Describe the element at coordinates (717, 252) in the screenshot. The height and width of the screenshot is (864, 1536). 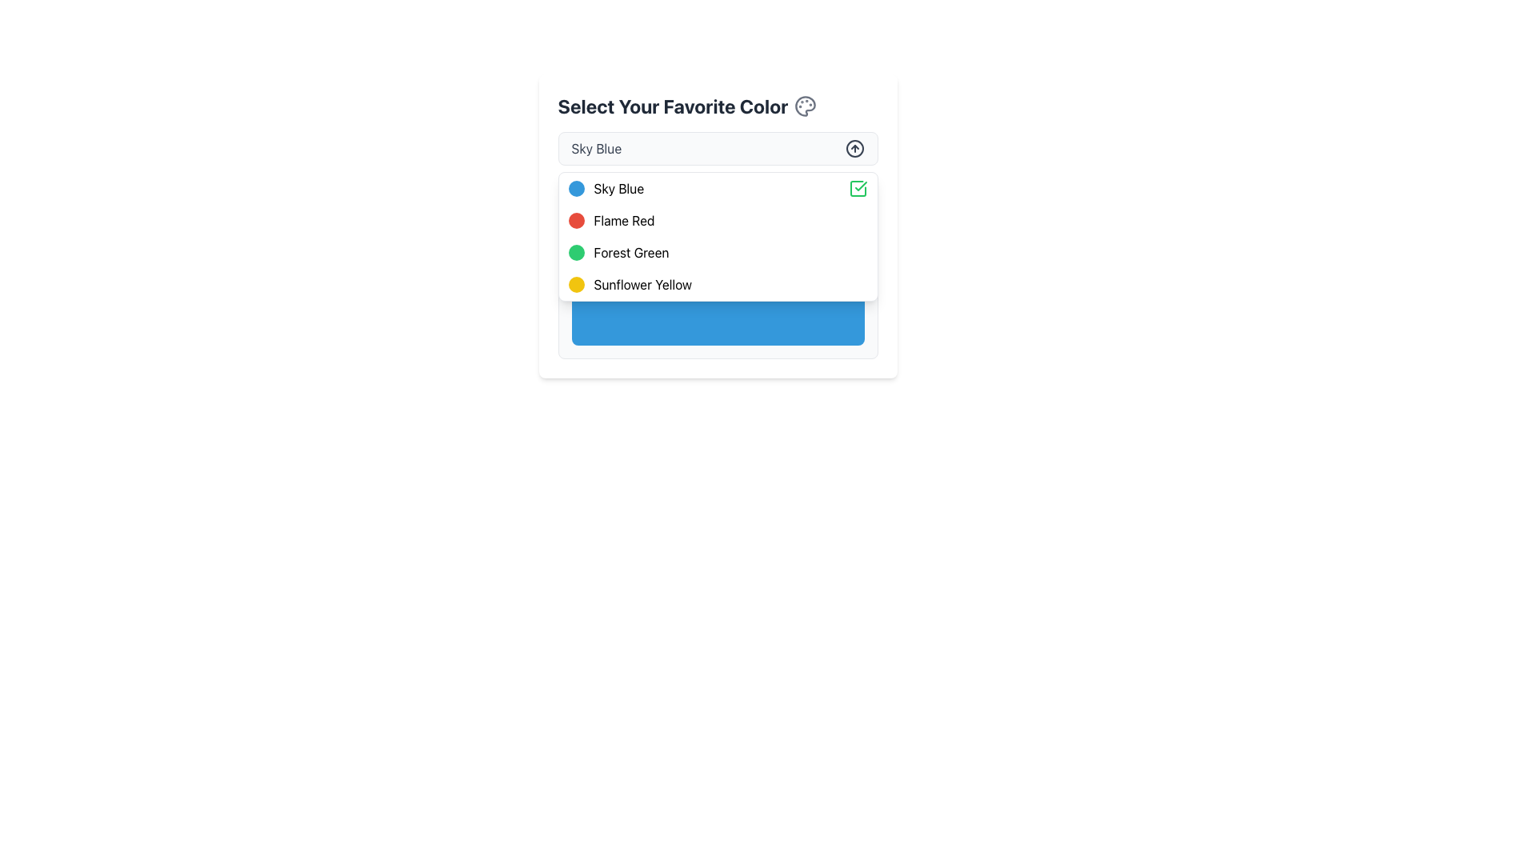
I see `keyboard navigation` at that location.